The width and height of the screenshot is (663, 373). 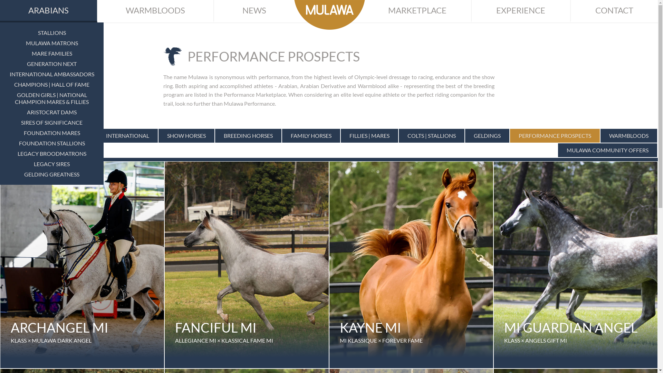 I want to click on 'CONTACT', so click(x=614, y=11).